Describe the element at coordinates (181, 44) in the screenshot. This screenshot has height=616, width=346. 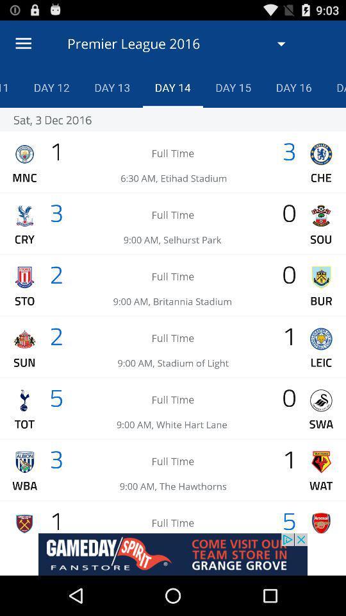
I see `the text below the navigation bar` at that location.